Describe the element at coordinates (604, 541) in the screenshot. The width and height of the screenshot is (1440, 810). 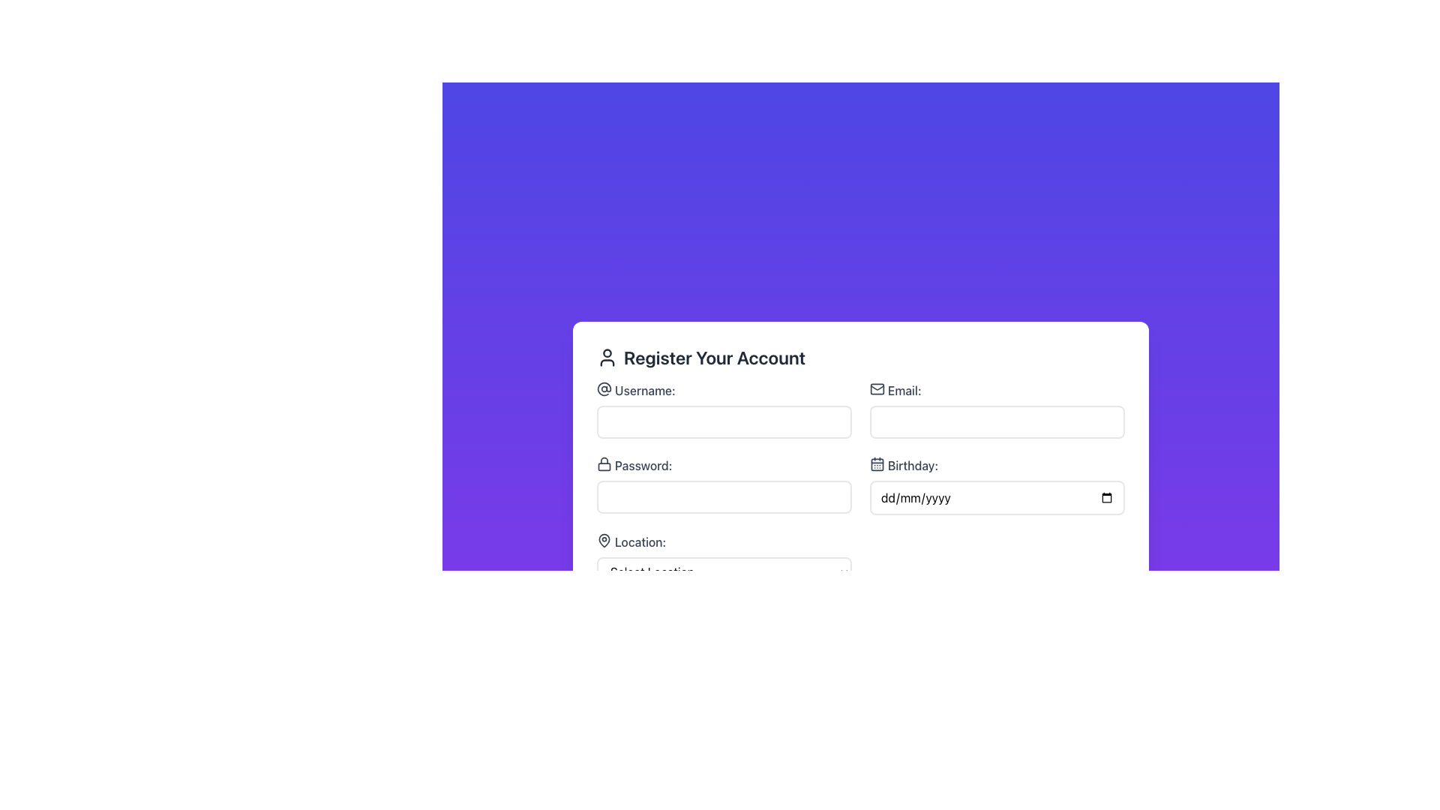
I see `the decorative location icon positioned to the left of the 'Location:' label, which is situated between the 'Password' and 'Email' fields` at that location.